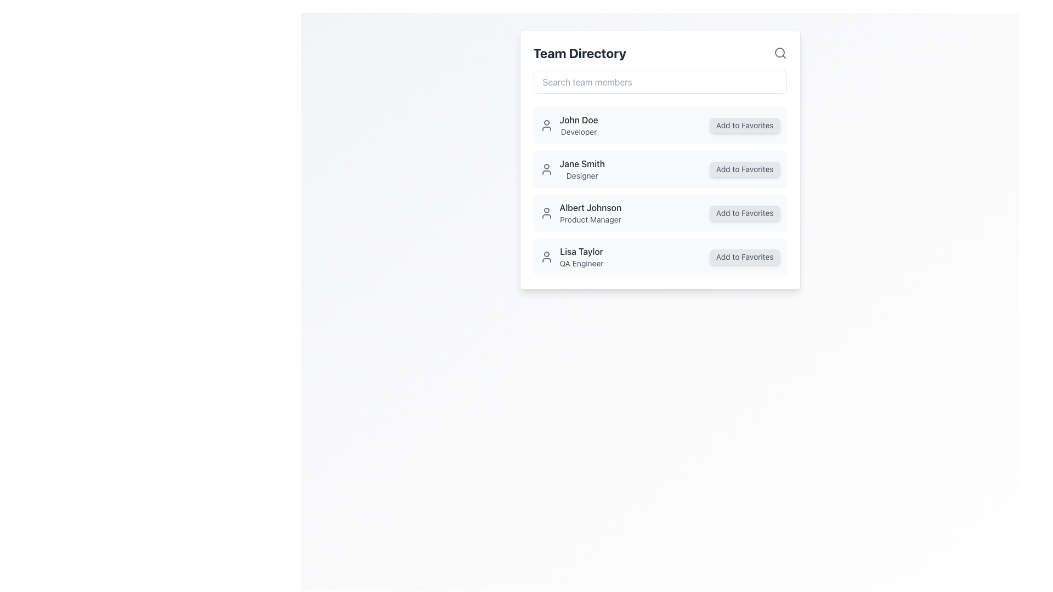  I want to click on the content of the Text Display element that shows the name and role of a team member, positioned in the second row of the team directory list, so click(581, 169).